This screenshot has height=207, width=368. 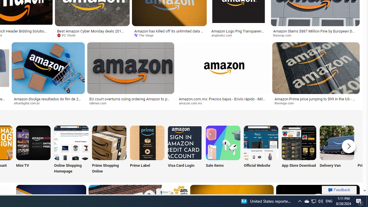 I want to click on 'Amazon App Store Download', so click(x=299, y=142).